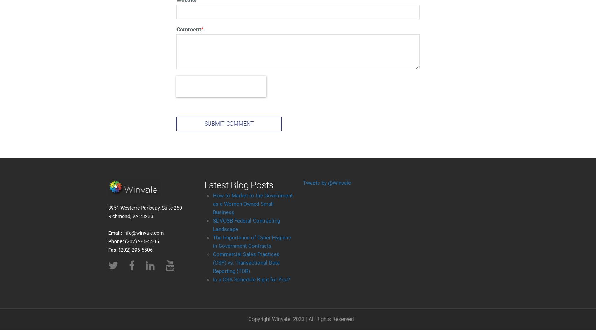 The height and width of the screenshot is (330, 596). Describe the element at coordinates (202, 29) in the screenshot. I see `'*'` at that location.